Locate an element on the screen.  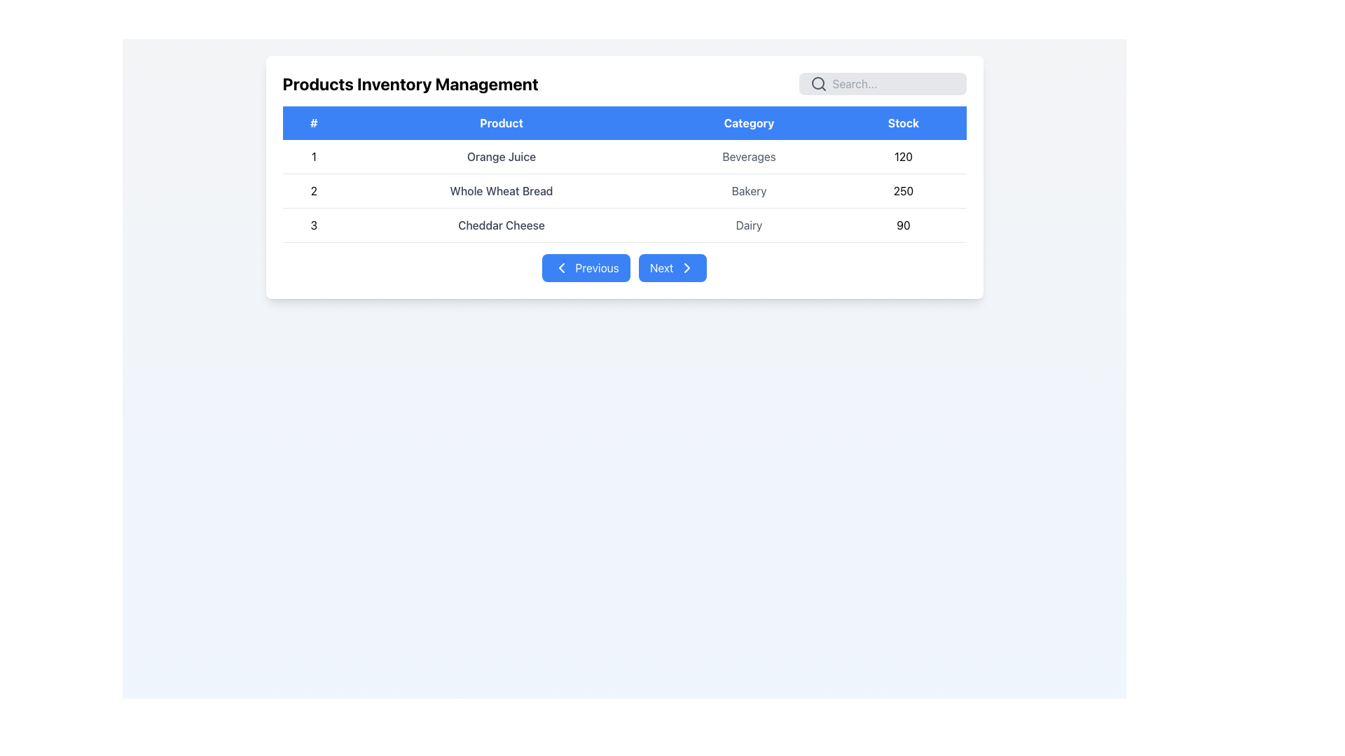
the Text Display element that shows the numeric value '90' in the 'Stock' column of the third row in the table, representing 'Cheddar Cheese' is located at coordinates (903, 224).